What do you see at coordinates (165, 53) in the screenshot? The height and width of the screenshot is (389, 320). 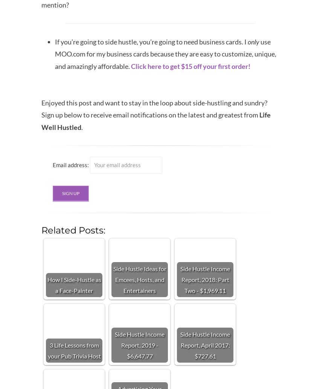 I see `'use MOO.com for my business cards because they are easy to customize, unique, and amazingly affordable.'` at bounding box center [165, 53].